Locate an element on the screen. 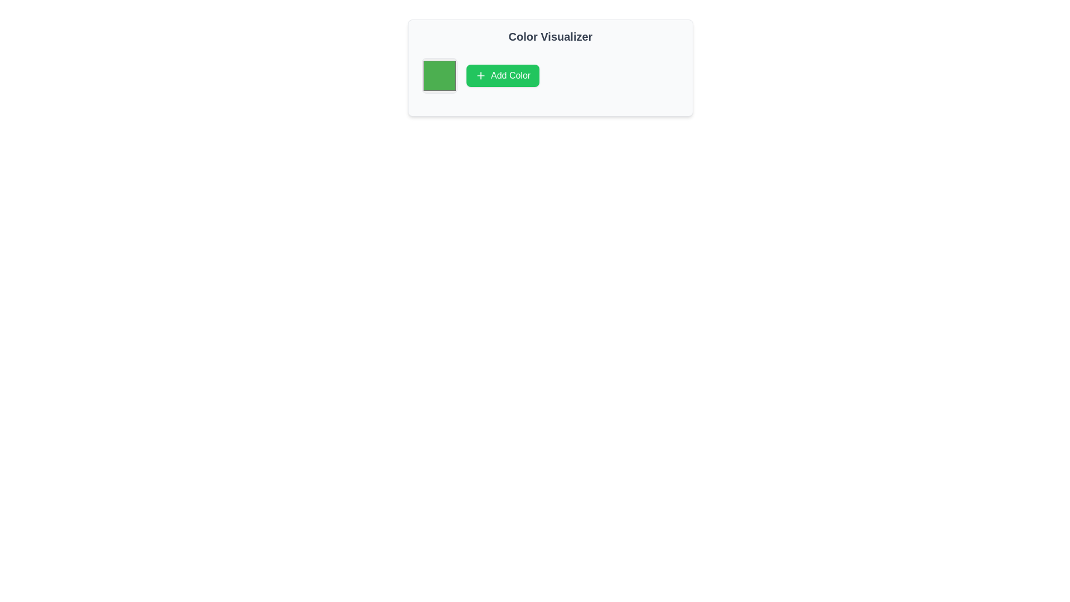  the green rectangular button labeled 'Add Color' containing a white plus icon is located at coordinates (502, 75).